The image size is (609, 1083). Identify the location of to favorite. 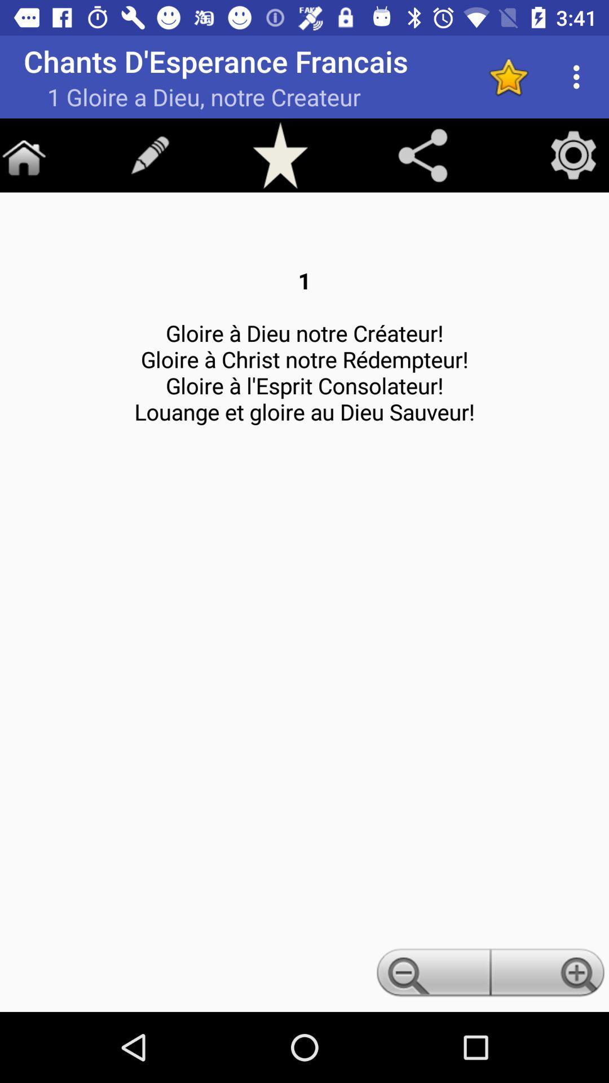
(280, 155).